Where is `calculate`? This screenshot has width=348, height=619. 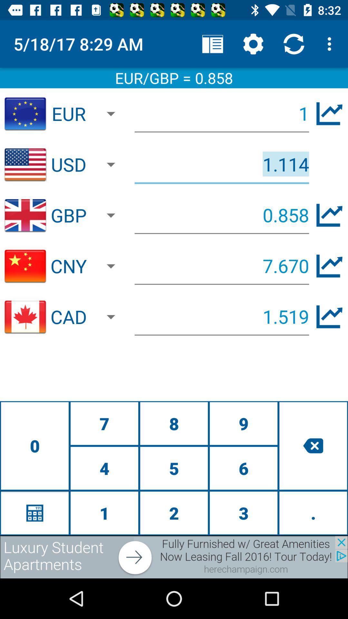
calculate is located at coordinates (35, 513).